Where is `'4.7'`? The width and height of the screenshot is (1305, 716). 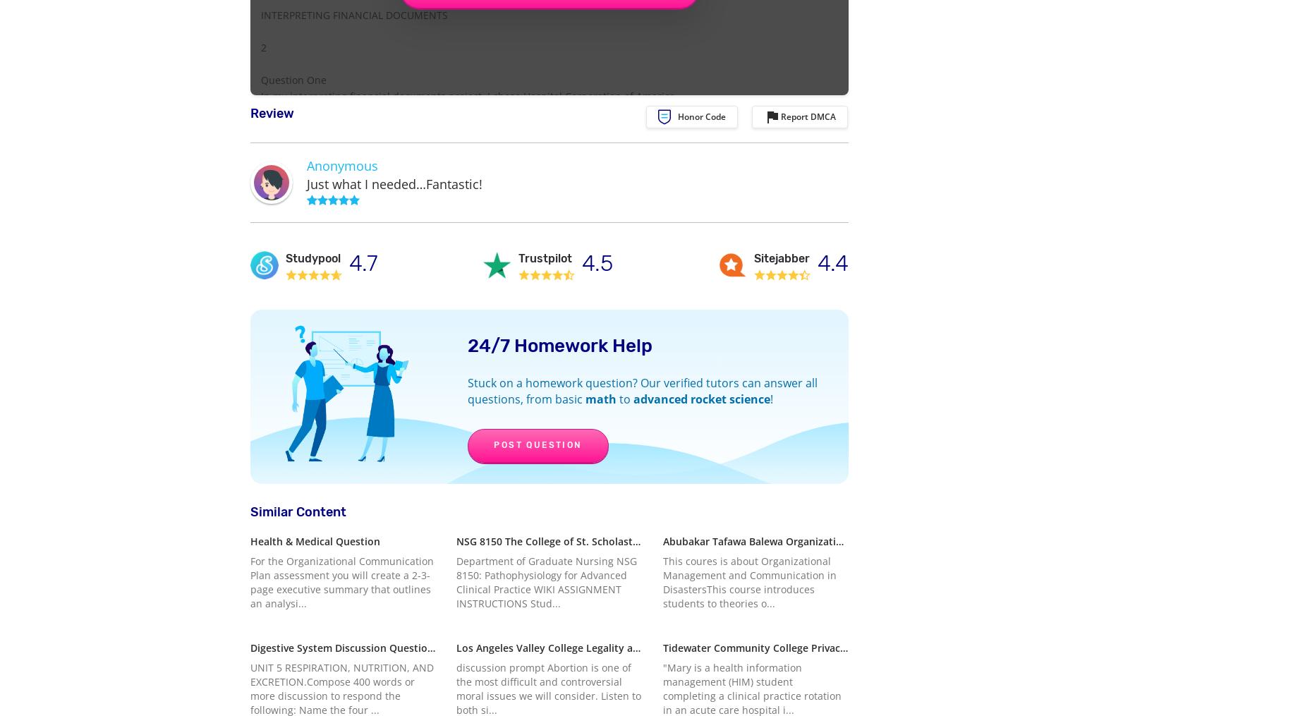
'4.7' is located at coordinates (349, 262).